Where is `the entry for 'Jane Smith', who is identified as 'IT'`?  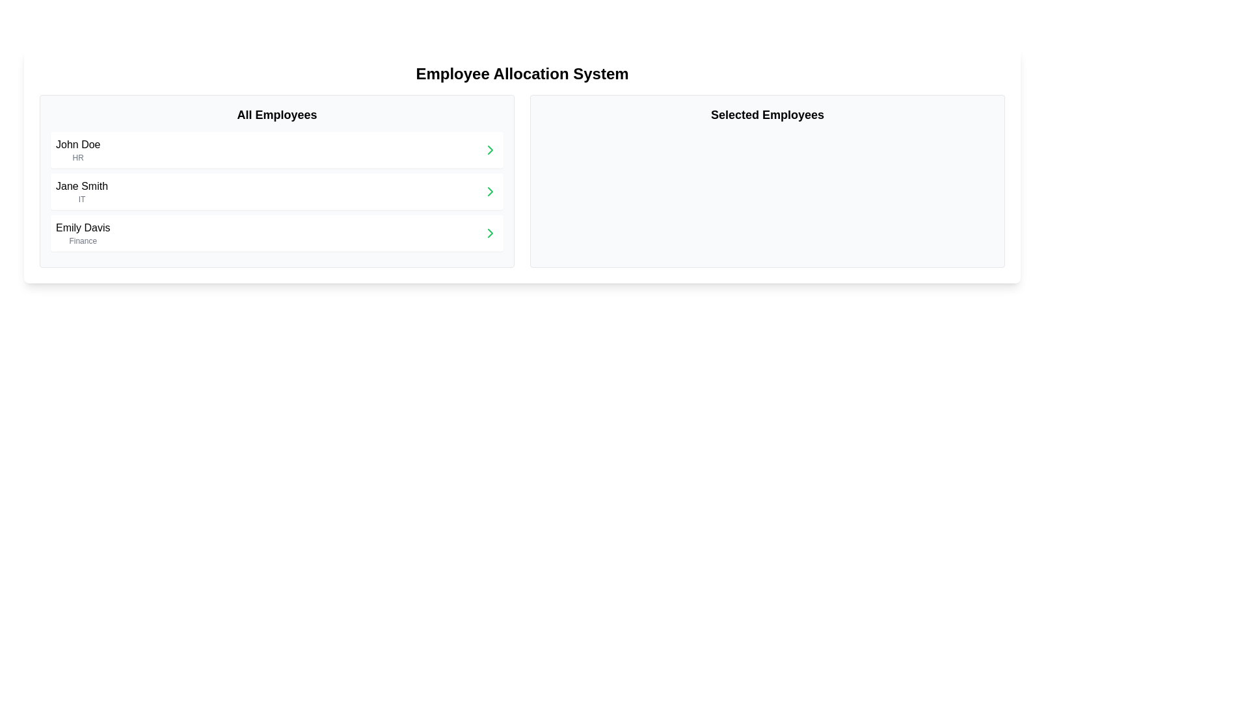 the entry for 'Jane Smith', who is identified as 'IT' is located at coordinates (81, 191).